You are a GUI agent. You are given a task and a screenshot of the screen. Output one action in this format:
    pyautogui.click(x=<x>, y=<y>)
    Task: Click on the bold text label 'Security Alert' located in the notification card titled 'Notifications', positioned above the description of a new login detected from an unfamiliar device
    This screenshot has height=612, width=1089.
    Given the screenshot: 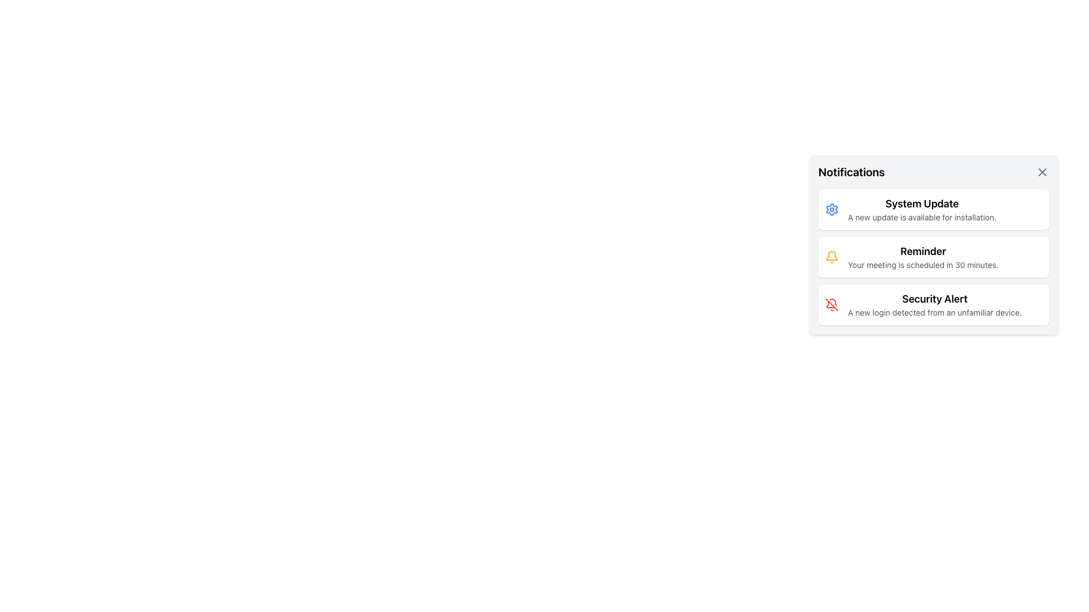 What is the action you would take?
    pyautogui.click(x=935, y=299)
    